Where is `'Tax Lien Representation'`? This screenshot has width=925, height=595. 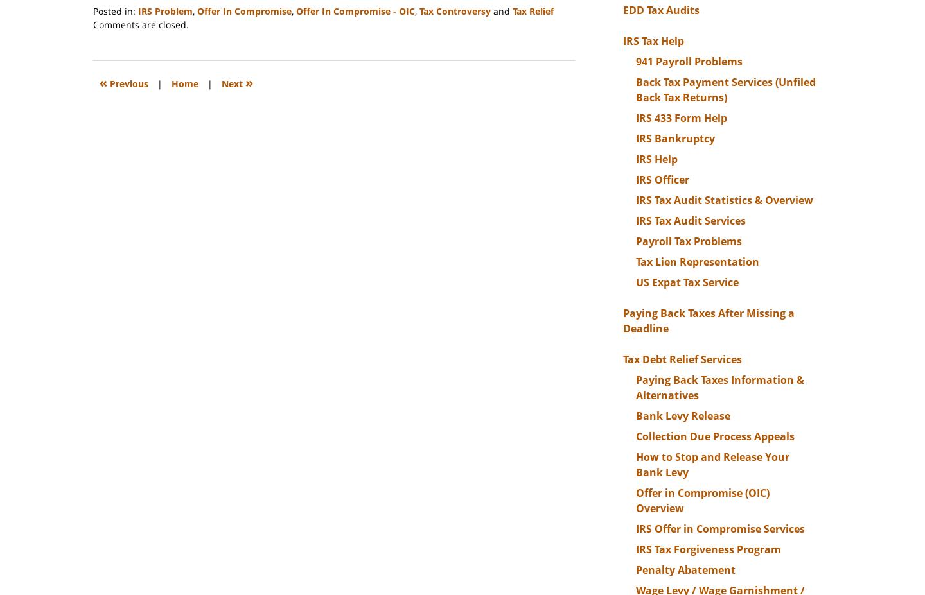
'Tax Lien Representation' is located at coordinates (697, 261).